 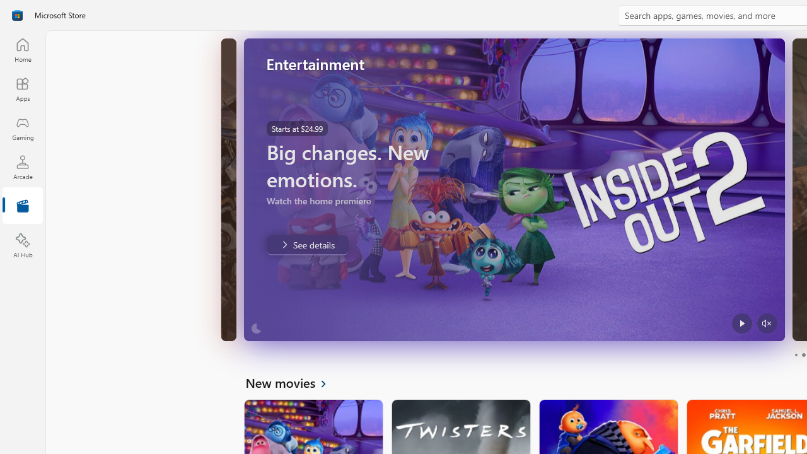 I want to click on 'Home', so click(x=22, y=49).